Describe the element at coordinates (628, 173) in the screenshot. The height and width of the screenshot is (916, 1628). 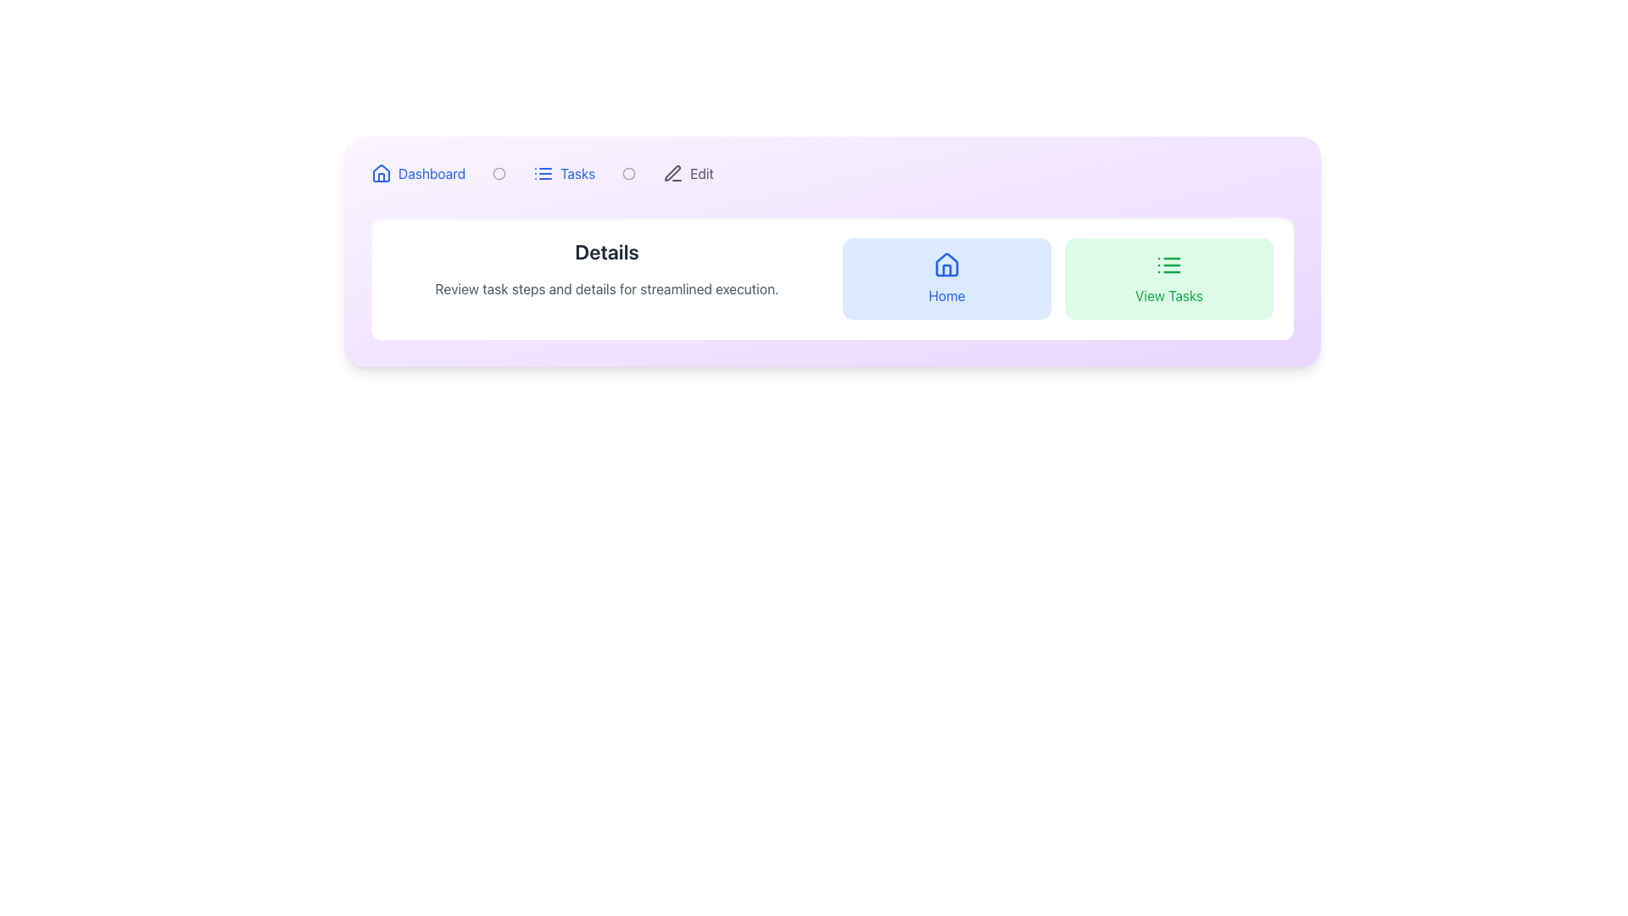
I see `the SVG Circle element located between the 'Dashboard' and 'Tasks' labels in the navigation bar` at that location.